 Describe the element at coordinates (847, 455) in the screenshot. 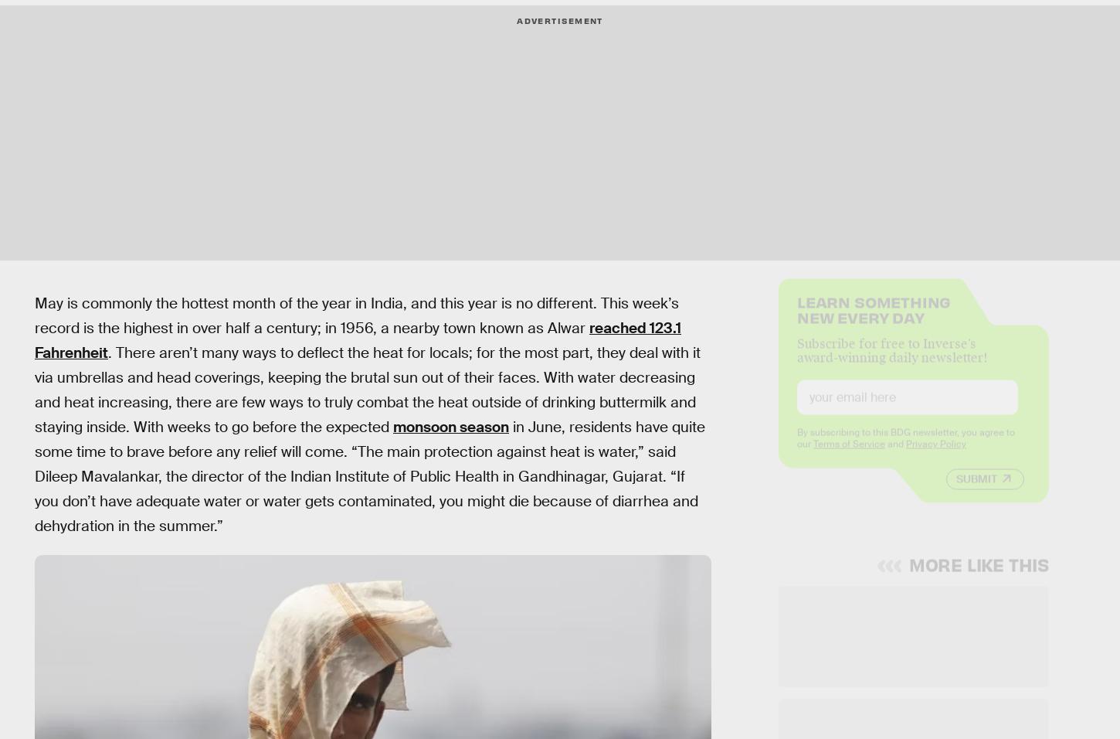

I see `'Terms of Service'` at that location.